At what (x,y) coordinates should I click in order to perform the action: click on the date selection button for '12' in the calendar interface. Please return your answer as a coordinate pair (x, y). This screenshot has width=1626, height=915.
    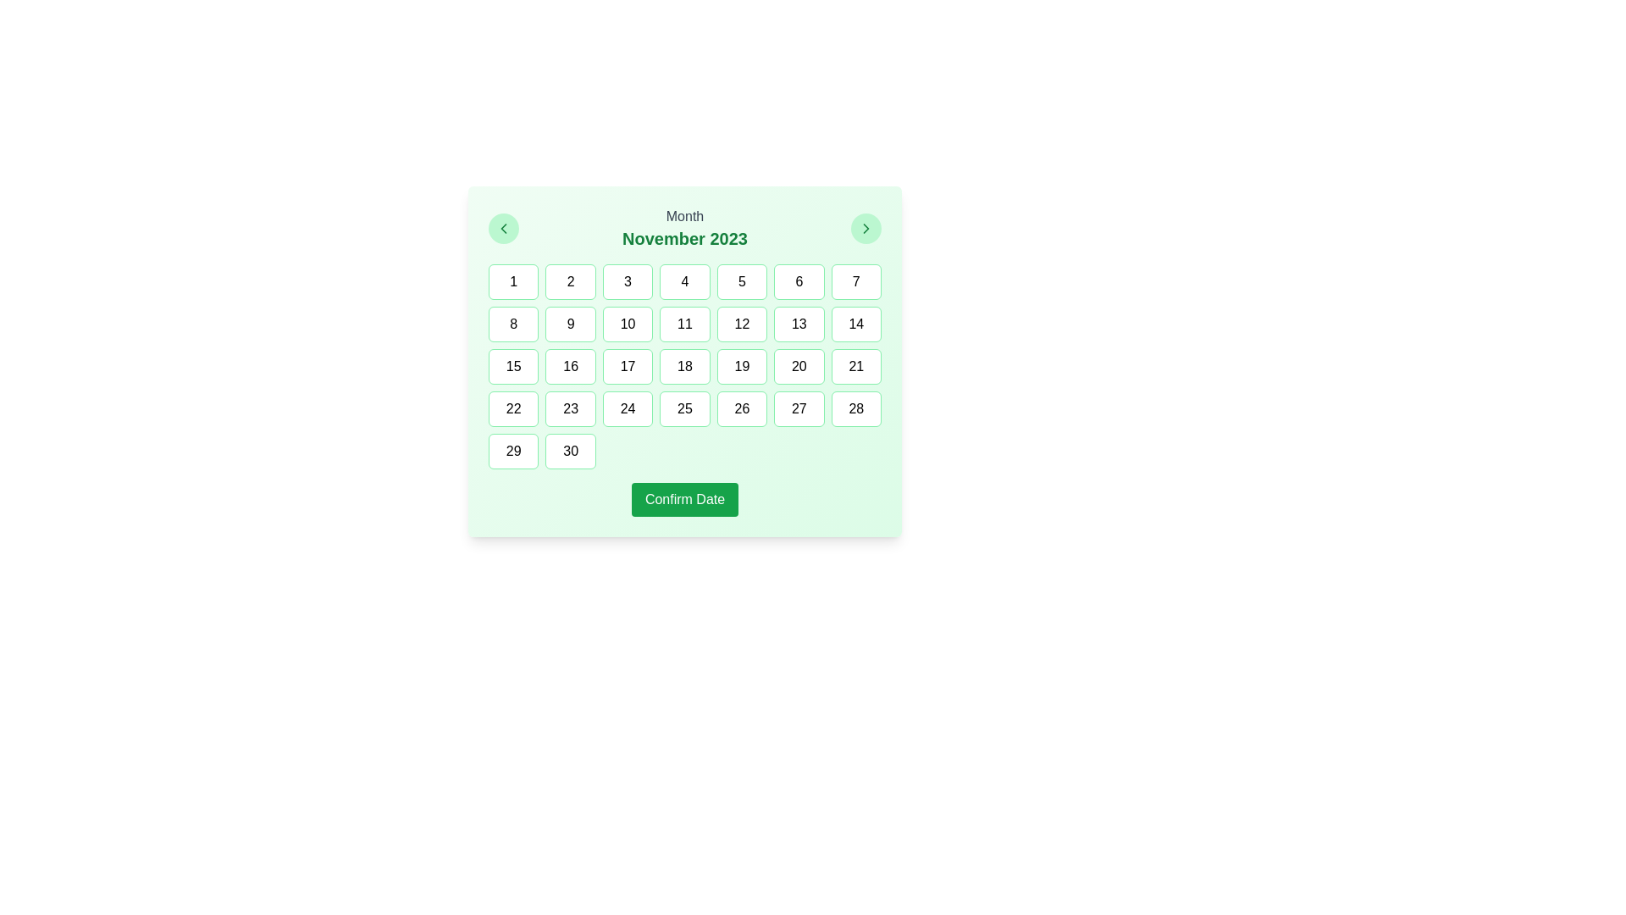
    Looking at the image, I should click on (742, 324).